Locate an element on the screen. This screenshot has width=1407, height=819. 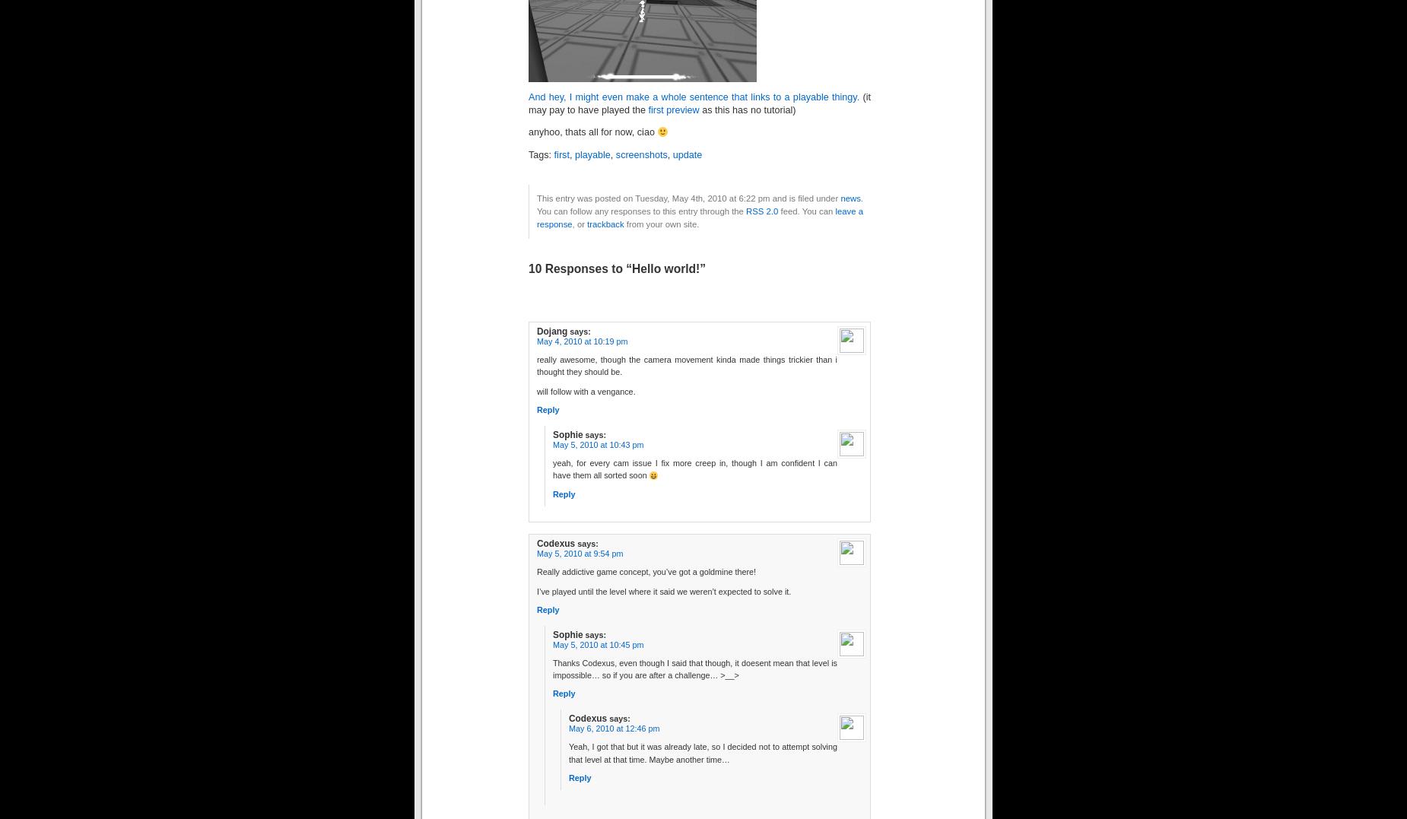
'will follow with a vengance.' is located at coordinates (586, 391).